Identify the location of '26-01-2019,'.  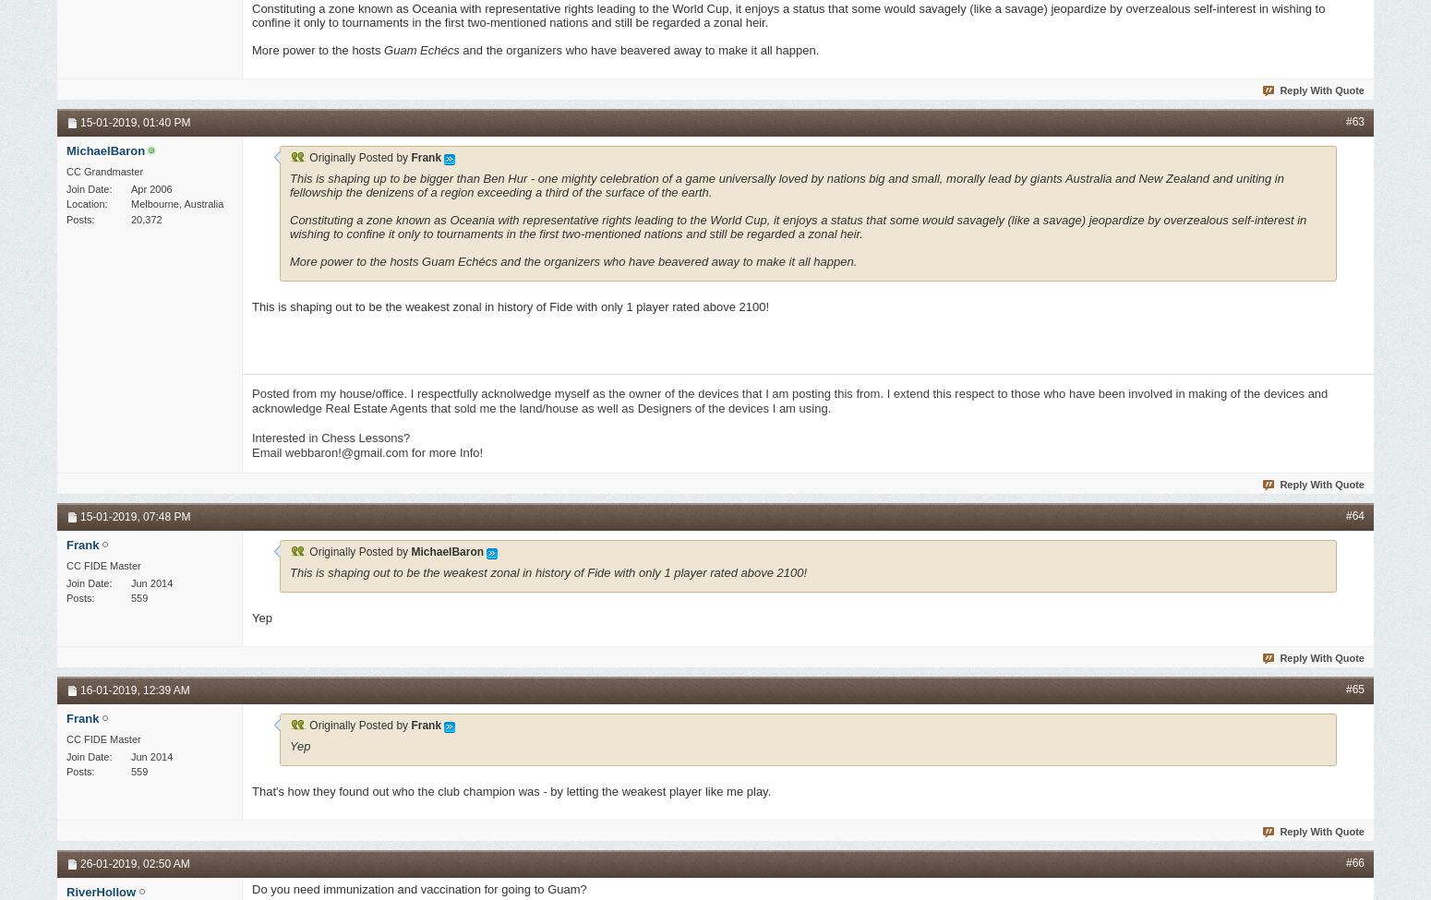
(112, 863).